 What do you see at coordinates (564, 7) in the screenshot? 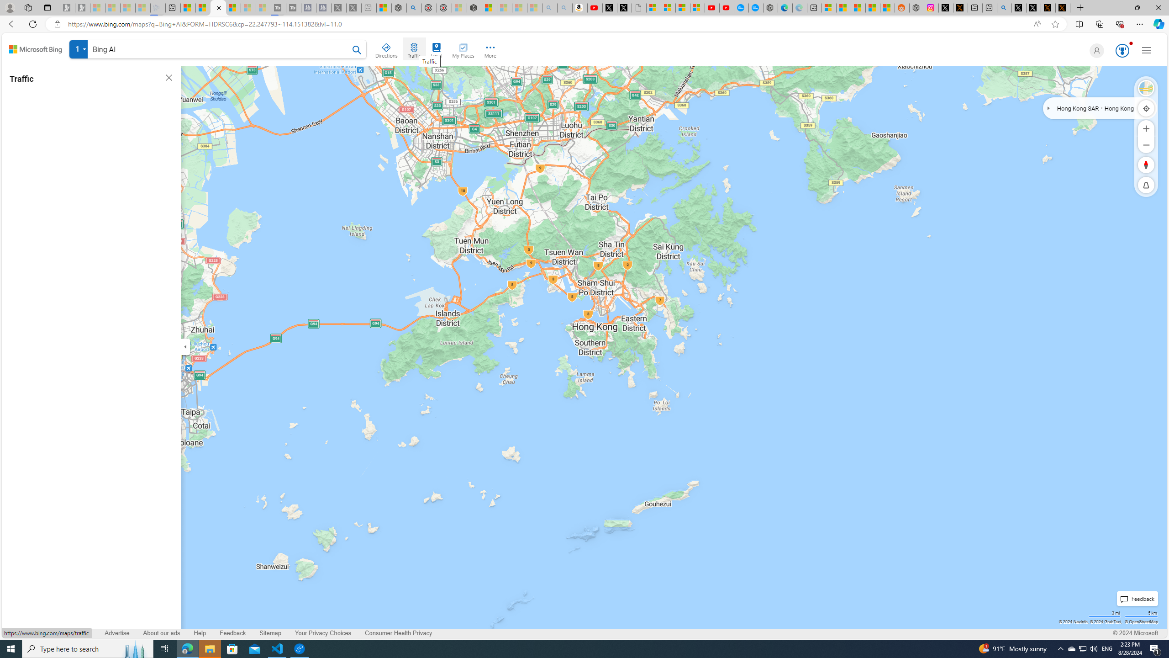
I see `'Amazon Echo Dot PNG - Search Images - Sleeping'` at bounding box center [564, 7].